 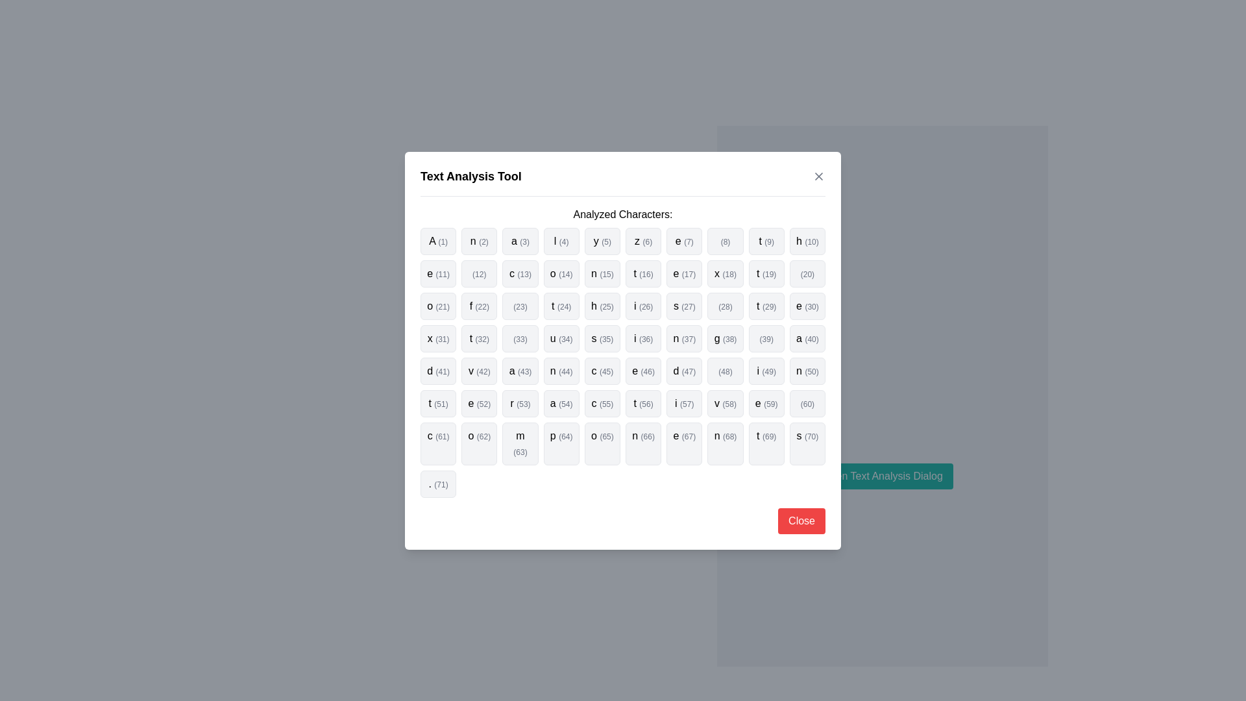 What do you see at coordinates (882, 476) in the screenshot?
I see `the 'Open Text Analysis Dialog' button` at bounding box center [882, 476].